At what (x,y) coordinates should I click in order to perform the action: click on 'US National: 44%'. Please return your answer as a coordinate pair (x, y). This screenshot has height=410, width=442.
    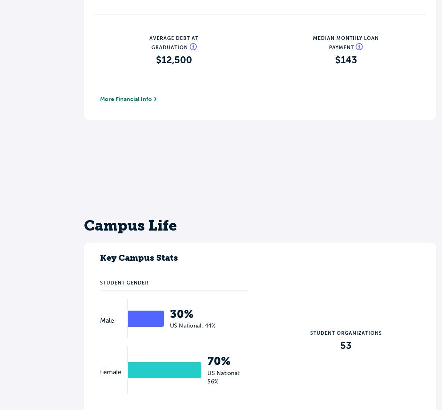
    Looking at the image, I should click on (192, 326).